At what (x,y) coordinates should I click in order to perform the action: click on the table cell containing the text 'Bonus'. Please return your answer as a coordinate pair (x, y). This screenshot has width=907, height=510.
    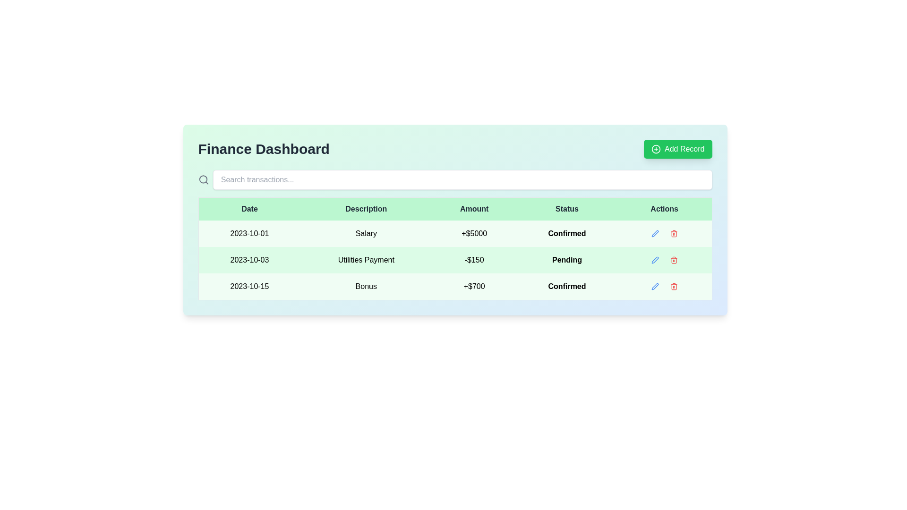
    Looking at the image, I should click on (366, 286).